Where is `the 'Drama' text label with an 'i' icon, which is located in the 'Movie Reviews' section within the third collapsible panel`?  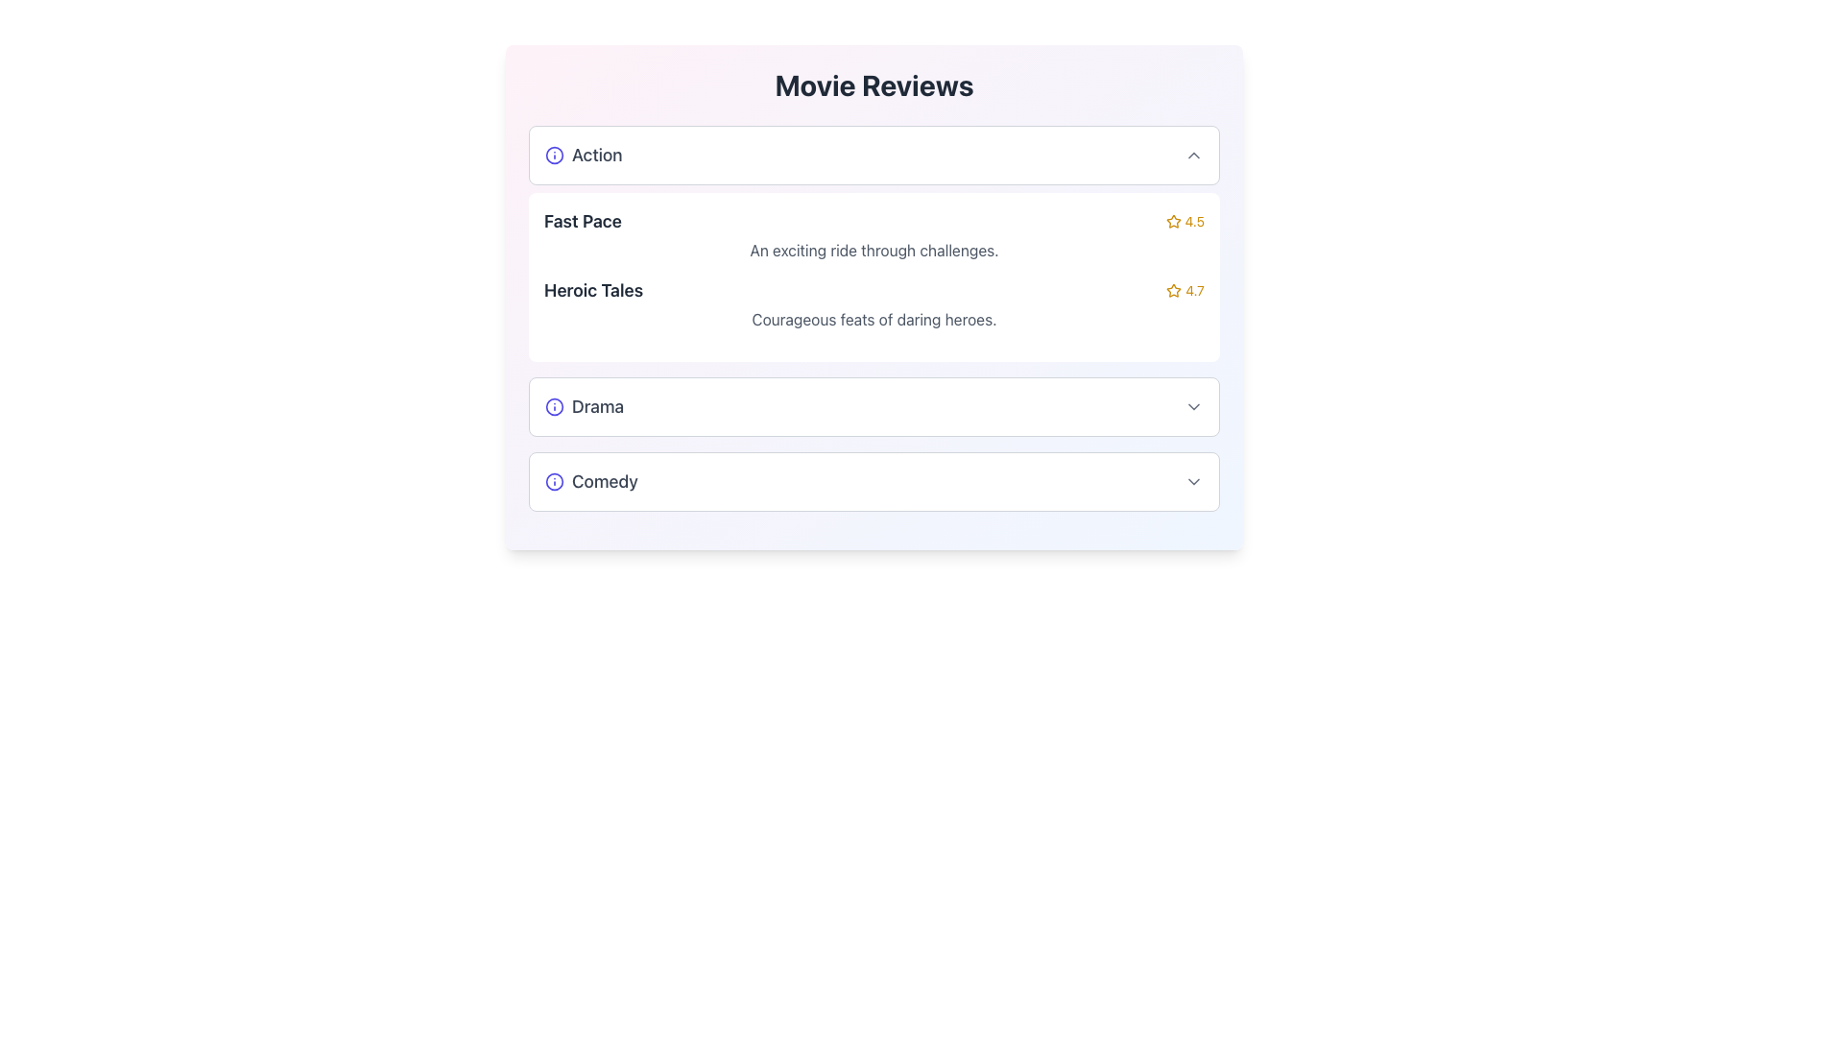 the 'Drama' text label with an 'i' icon, which is located in the 'Movie Reviews' section within the third collapsible panel is located at coordinates (584, 406).